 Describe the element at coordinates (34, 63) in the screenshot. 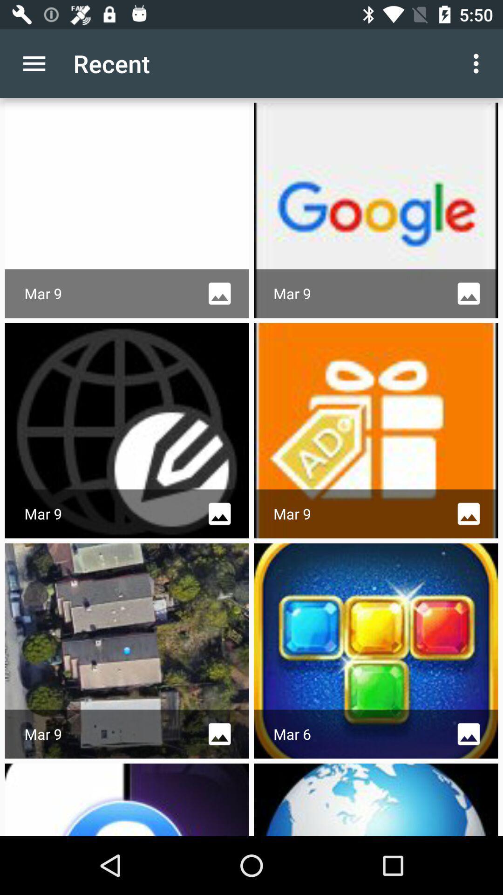

I see `the app to the left of the recent` at that location.